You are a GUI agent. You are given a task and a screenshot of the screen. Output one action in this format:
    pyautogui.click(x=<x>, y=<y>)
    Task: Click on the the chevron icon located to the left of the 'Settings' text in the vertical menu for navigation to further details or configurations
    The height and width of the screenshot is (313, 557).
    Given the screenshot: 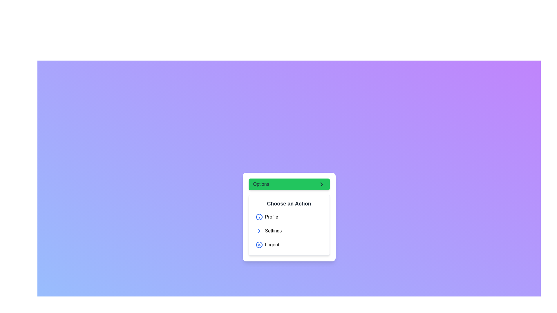 What is the action you would take?
    pyautogui.click(x=259, y=231)
    